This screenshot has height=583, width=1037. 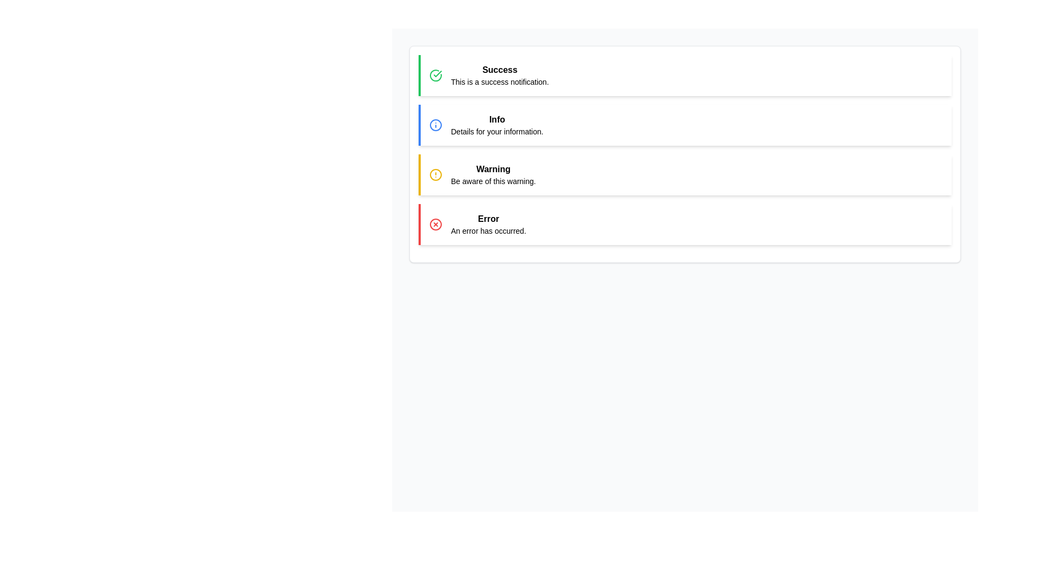 What do you see at coordinates (435, 124) in the screenshot?
I see `the small circular blue-bordered icon with an 'i' inside, located in the second notification card titled 'Info'` at bounding box center [435, 124].